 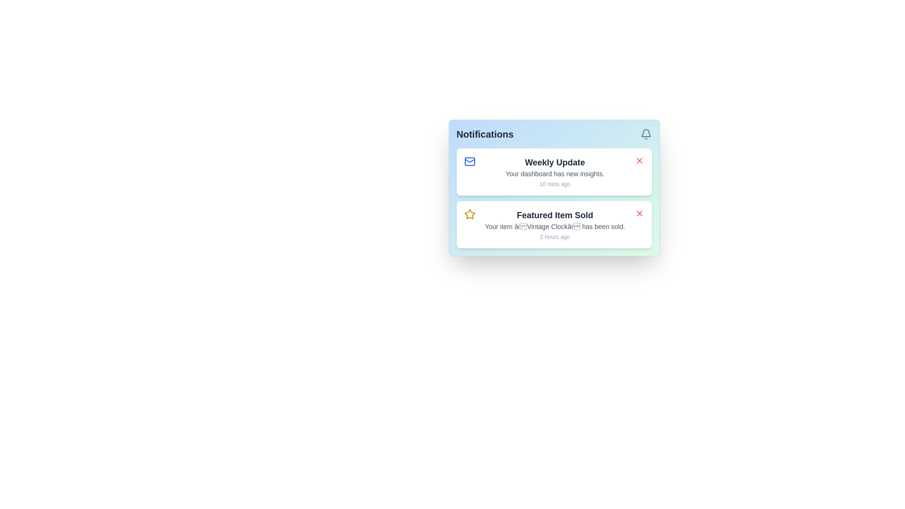 What do you see at coordinates (645, 134) in the screenshot?
I see `the notification icon located in the upper-right corner of the 'Notifications' panel, next to the 'Notifications' text header` at bounding box center [645, 134].